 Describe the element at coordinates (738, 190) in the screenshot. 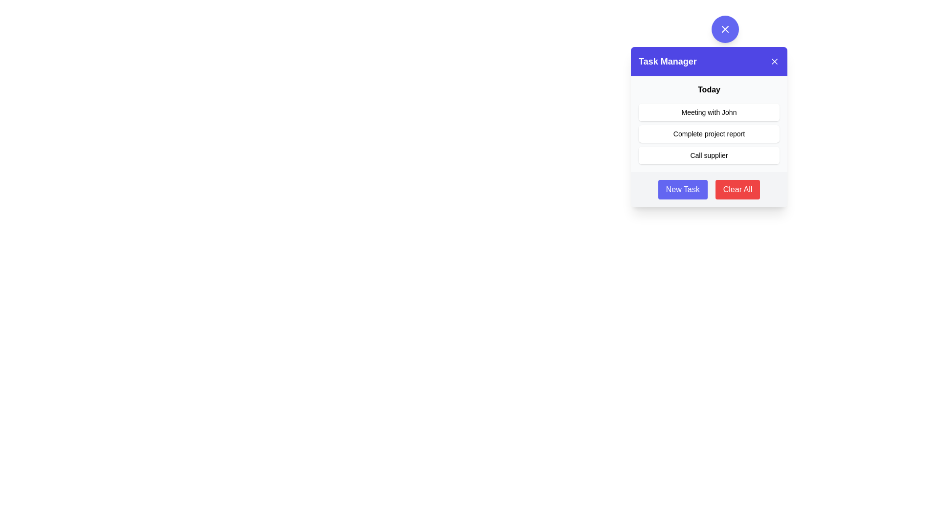

I see `the 'Clear All' button with a red background and white text located in the bottom-right corner of the 'Task Manager' panel` at that location.